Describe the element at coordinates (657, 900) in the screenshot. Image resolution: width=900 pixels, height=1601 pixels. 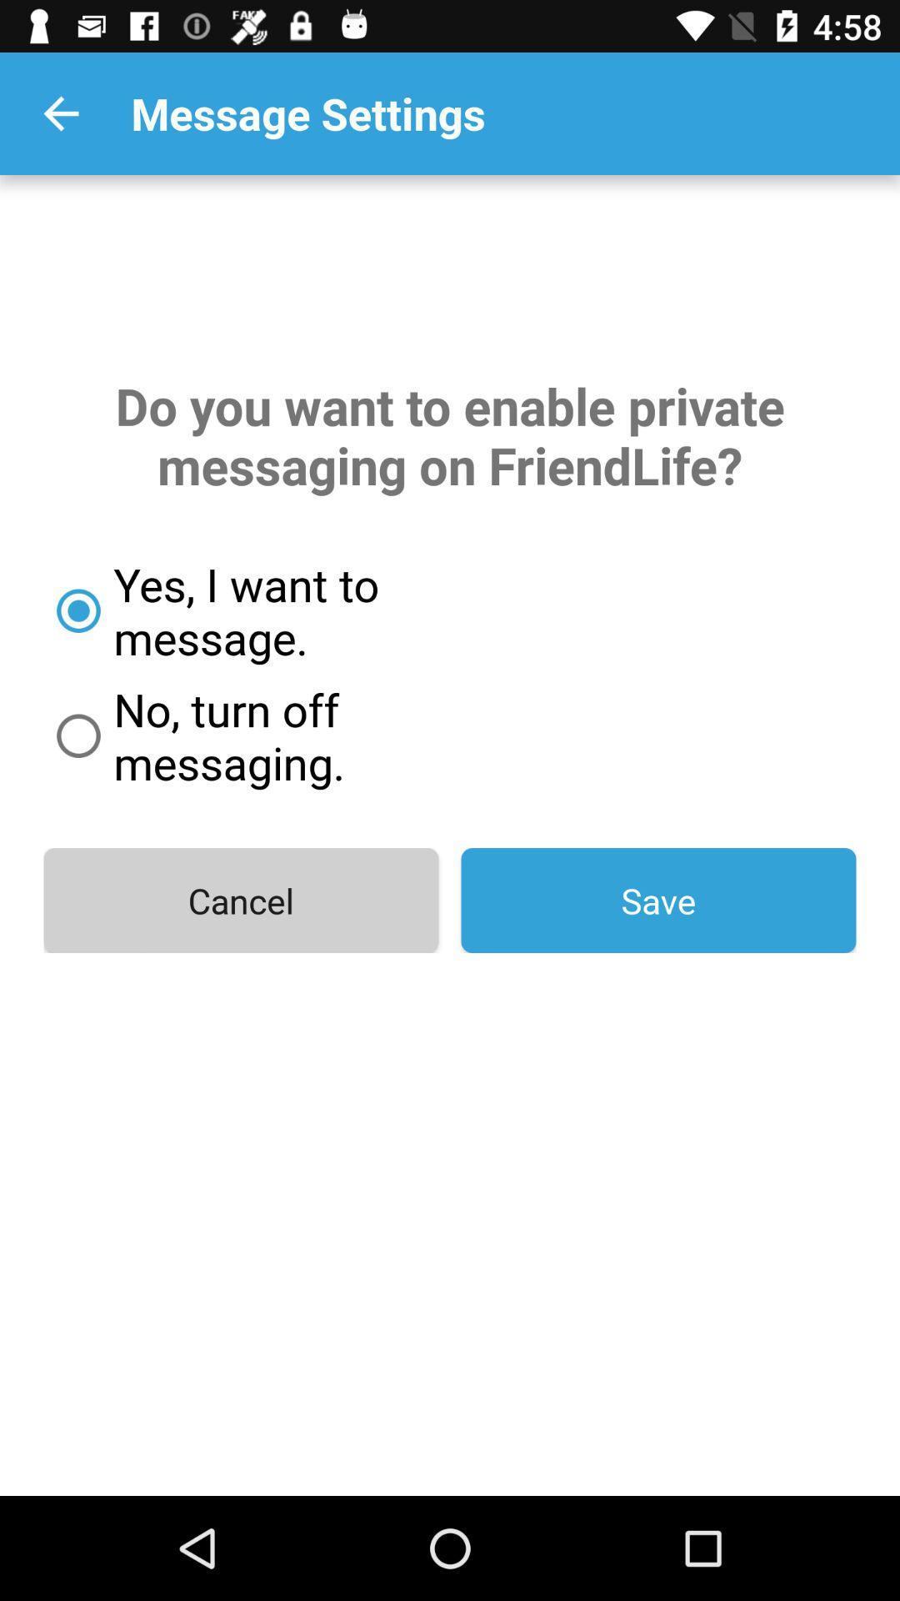
I see `the icon on the right` at that location.